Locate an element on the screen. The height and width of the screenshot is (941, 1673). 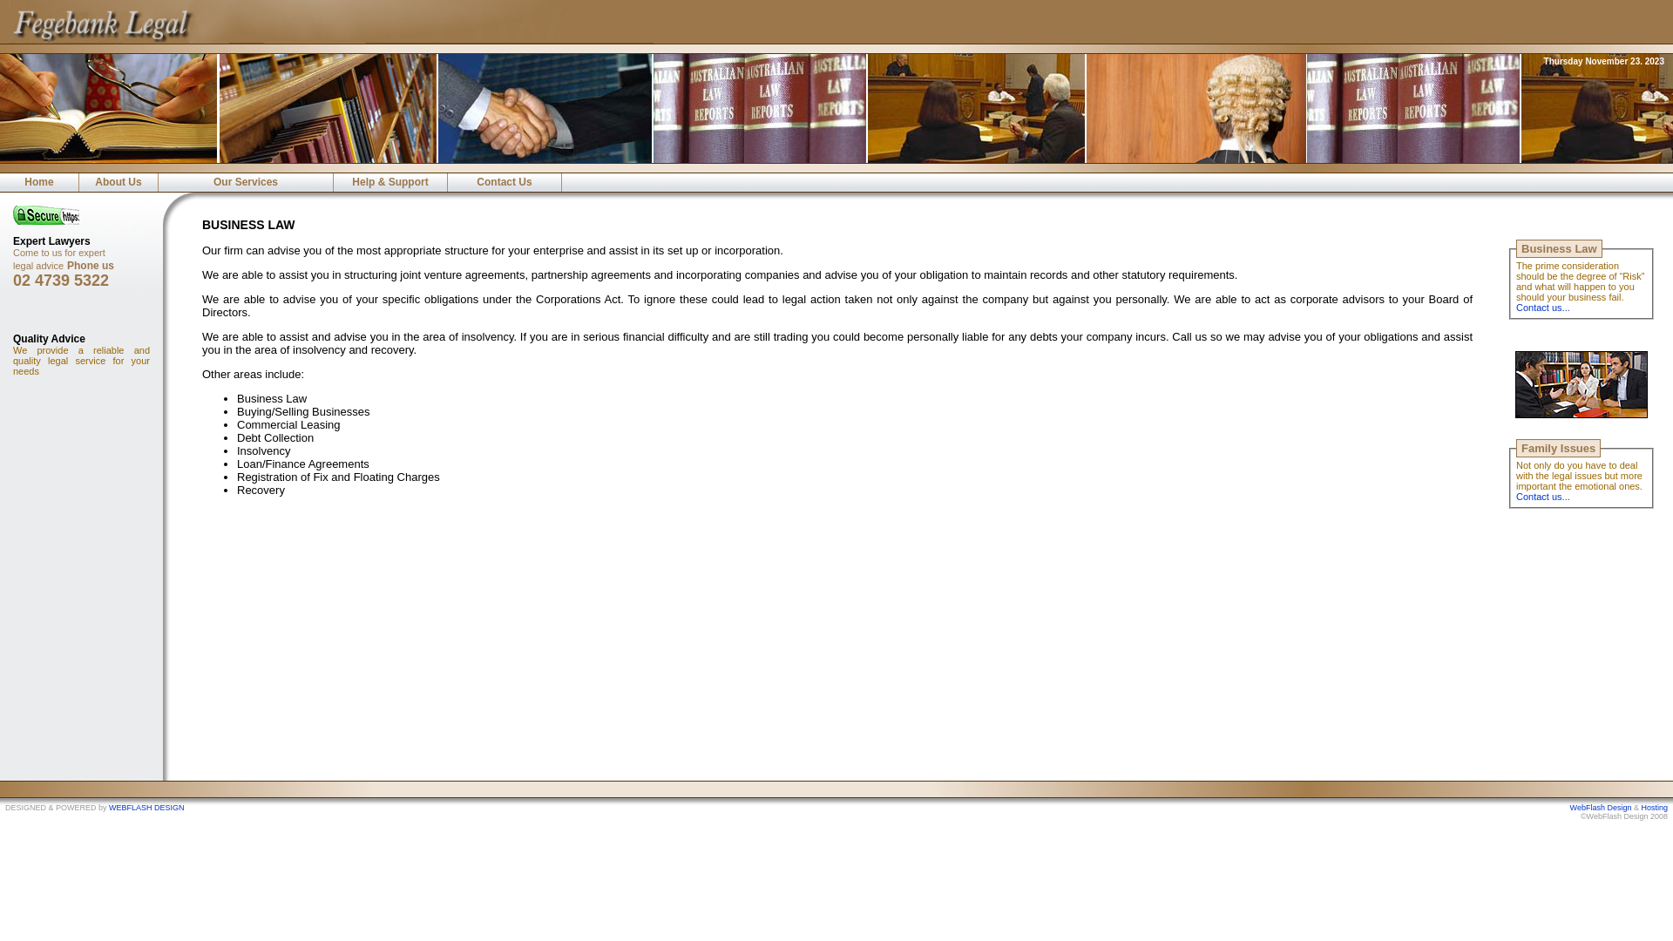
'About Us' is located at coordinates (117, 182).